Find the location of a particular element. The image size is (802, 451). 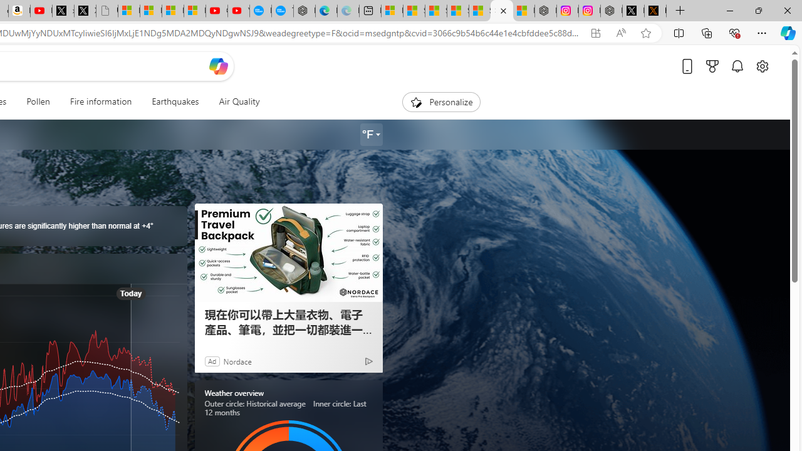

'YouTube Kids - An App Created for Kids to Explore Content' is located at coordinates (238, 11).